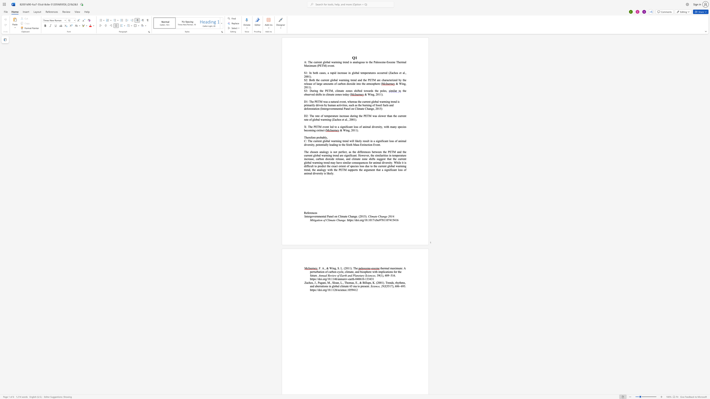 Image resolution: width=710 pixels, height=399 pixels. Describe the element at coordinates (401, 73) in the screenshot. I see `the 4th character "t" in the text` at that location.